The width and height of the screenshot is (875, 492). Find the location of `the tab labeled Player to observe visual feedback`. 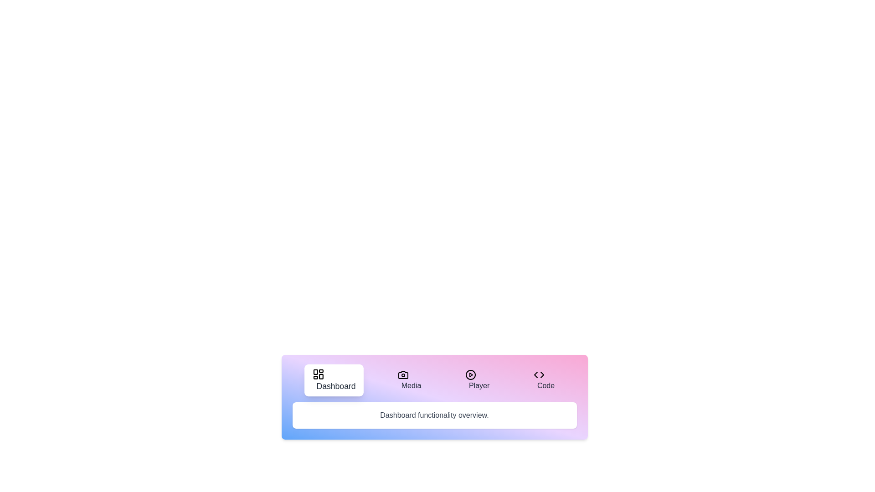

the tab labeled Player to observe visual feedback is located at coordinates (477, 380).